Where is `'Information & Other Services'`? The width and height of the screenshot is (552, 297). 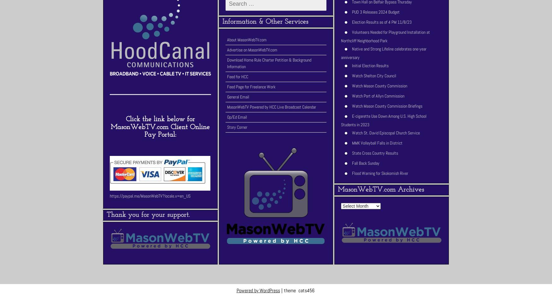 'Information & Other Services' is located at coordinates (265, 21).